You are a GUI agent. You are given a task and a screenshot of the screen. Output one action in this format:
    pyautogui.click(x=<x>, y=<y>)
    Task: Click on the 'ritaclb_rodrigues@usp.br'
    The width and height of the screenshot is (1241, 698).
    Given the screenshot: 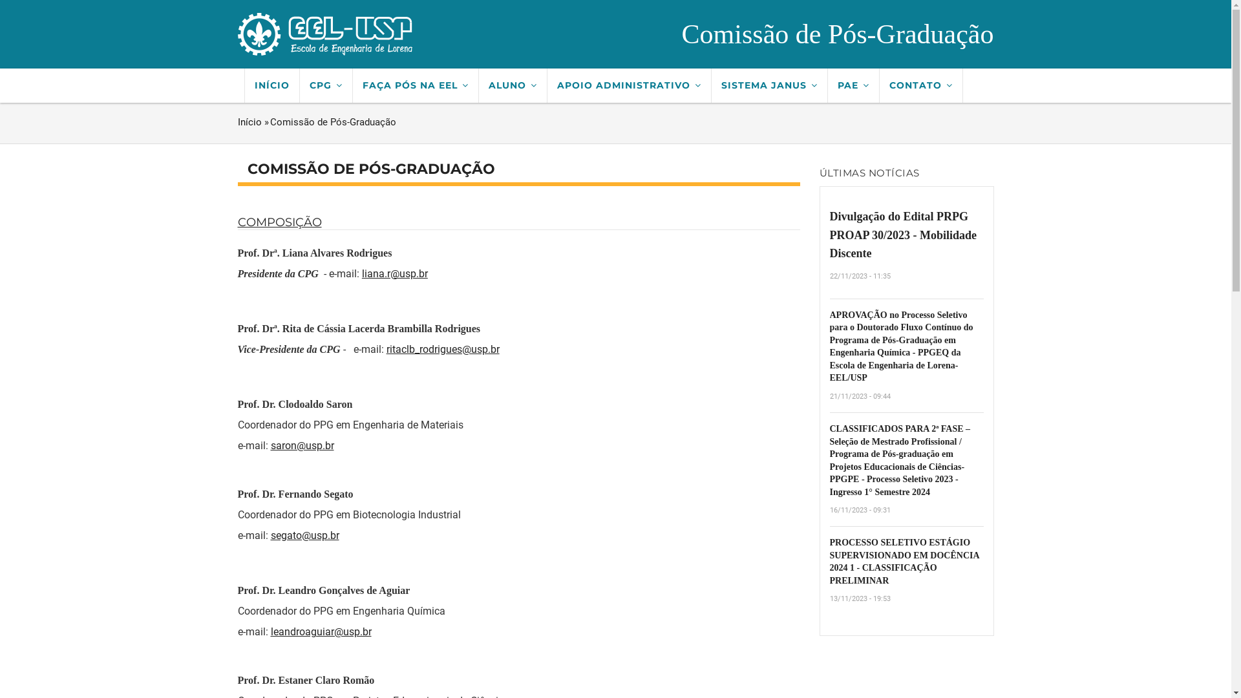 What is the action you would take?
    pyautogui.click(x=386, y=349)
    